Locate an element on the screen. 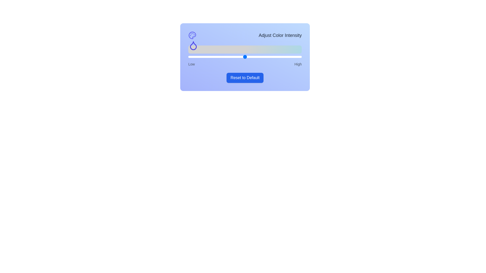 This screenshot has height=273, width=486. the slider to set the color intensity to 83 is located at coordinates (282, 57).